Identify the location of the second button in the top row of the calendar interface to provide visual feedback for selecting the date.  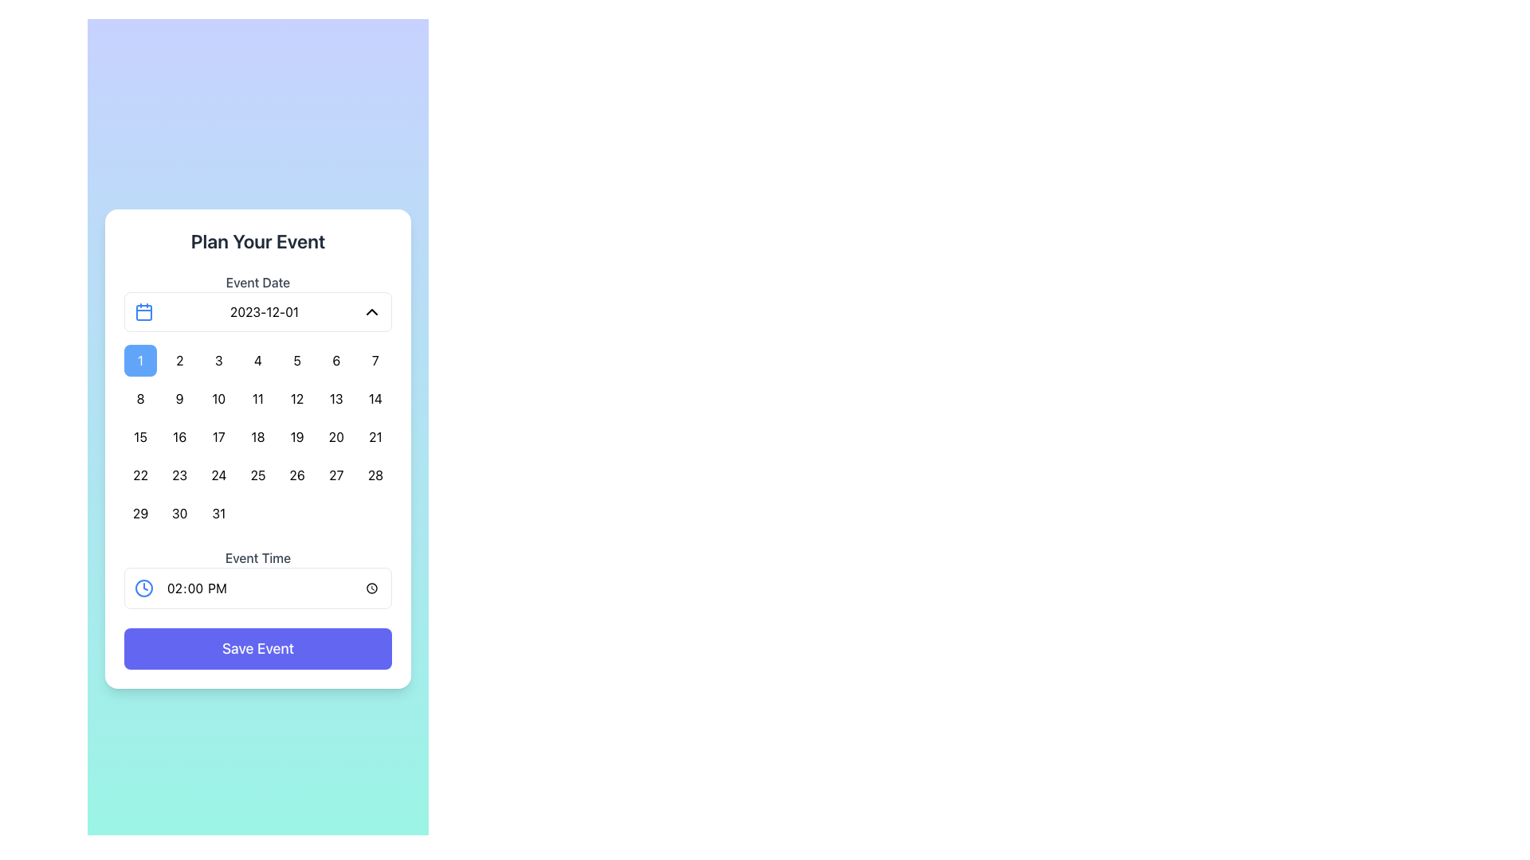
(179, 360).